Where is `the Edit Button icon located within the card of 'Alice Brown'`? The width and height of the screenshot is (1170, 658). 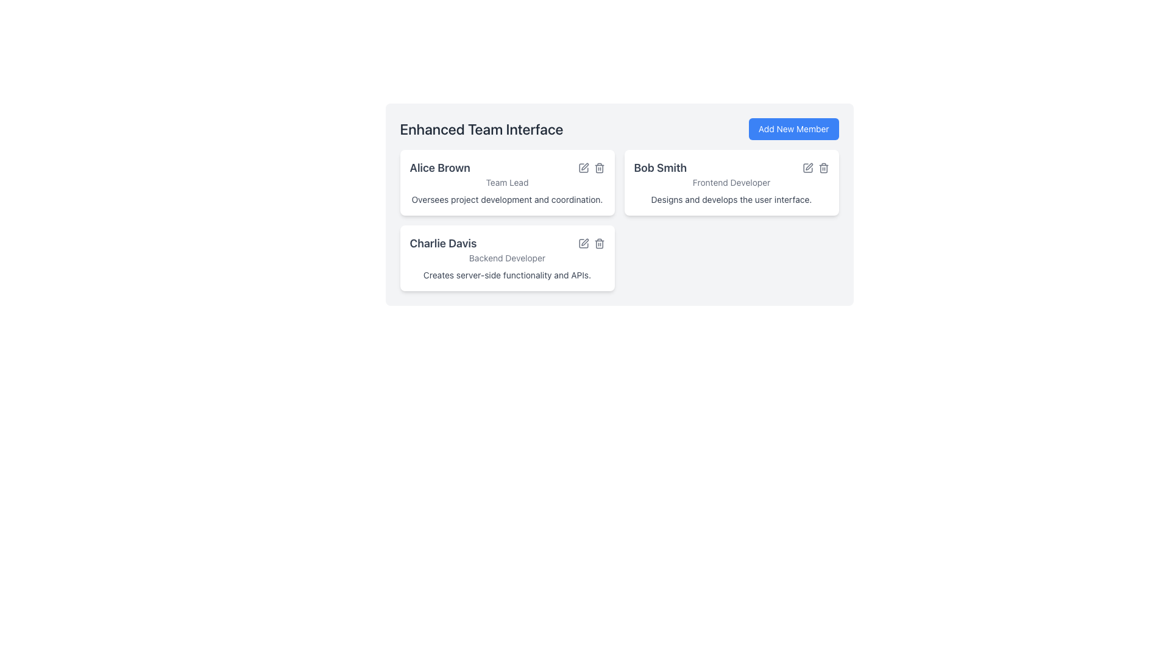 the Edit Button icon located within the card of 'Alice Brown' is located at coordinates (584, 166).